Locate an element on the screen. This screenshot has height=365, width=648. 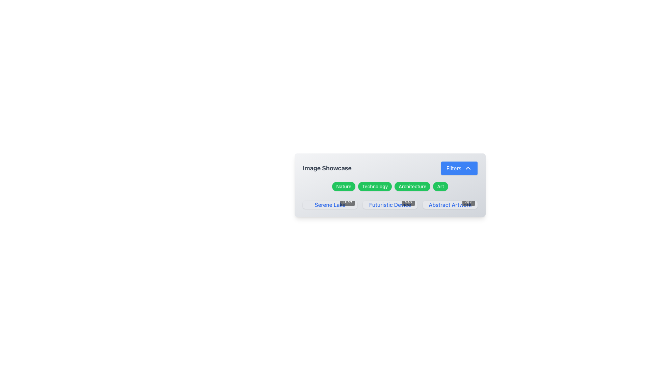
the text label displaying 'Abstract Artwork', which is styled in medium blue and is the rightmost item in a horizontal layout of selectable options, located in the bottom-right section of the interface is located at coordinates (450, 204).